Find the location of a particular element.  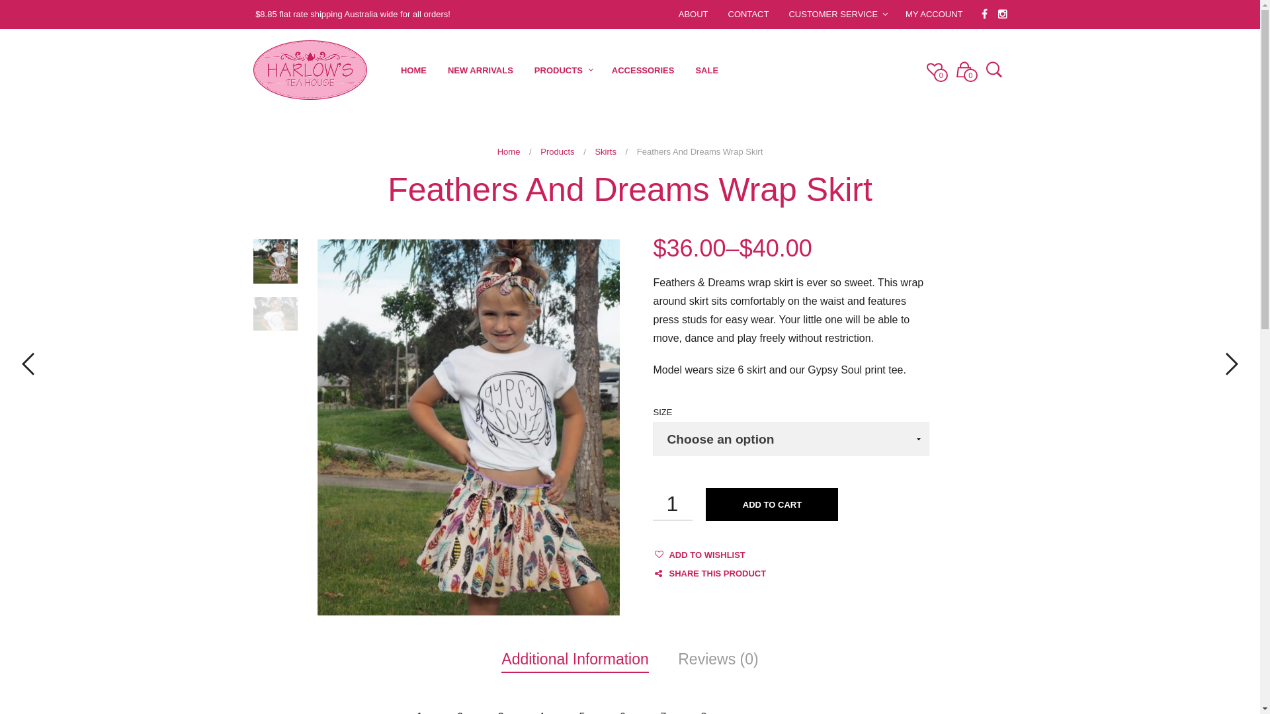

'ACCESSORIES' is located at coordinates (643, 70).